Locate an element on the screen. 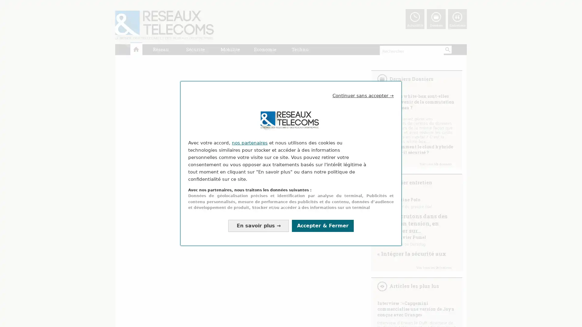 This screenshot has width=582, height=327. Accepter notre traitement des donnees et fermer is located at coordinates (323, 226).